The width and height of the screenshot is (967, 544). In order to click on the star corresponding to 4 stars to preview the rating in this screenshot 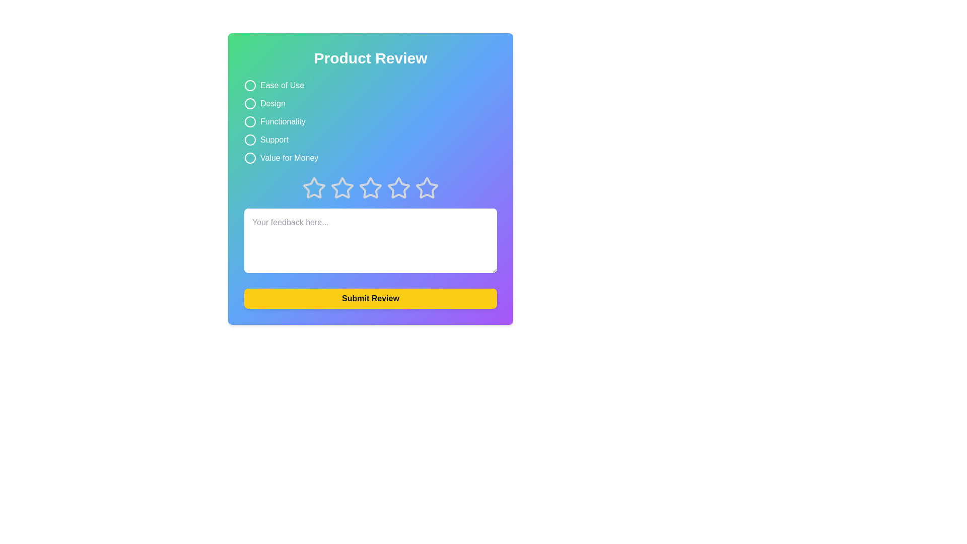, I will do `click(398, 188)`.